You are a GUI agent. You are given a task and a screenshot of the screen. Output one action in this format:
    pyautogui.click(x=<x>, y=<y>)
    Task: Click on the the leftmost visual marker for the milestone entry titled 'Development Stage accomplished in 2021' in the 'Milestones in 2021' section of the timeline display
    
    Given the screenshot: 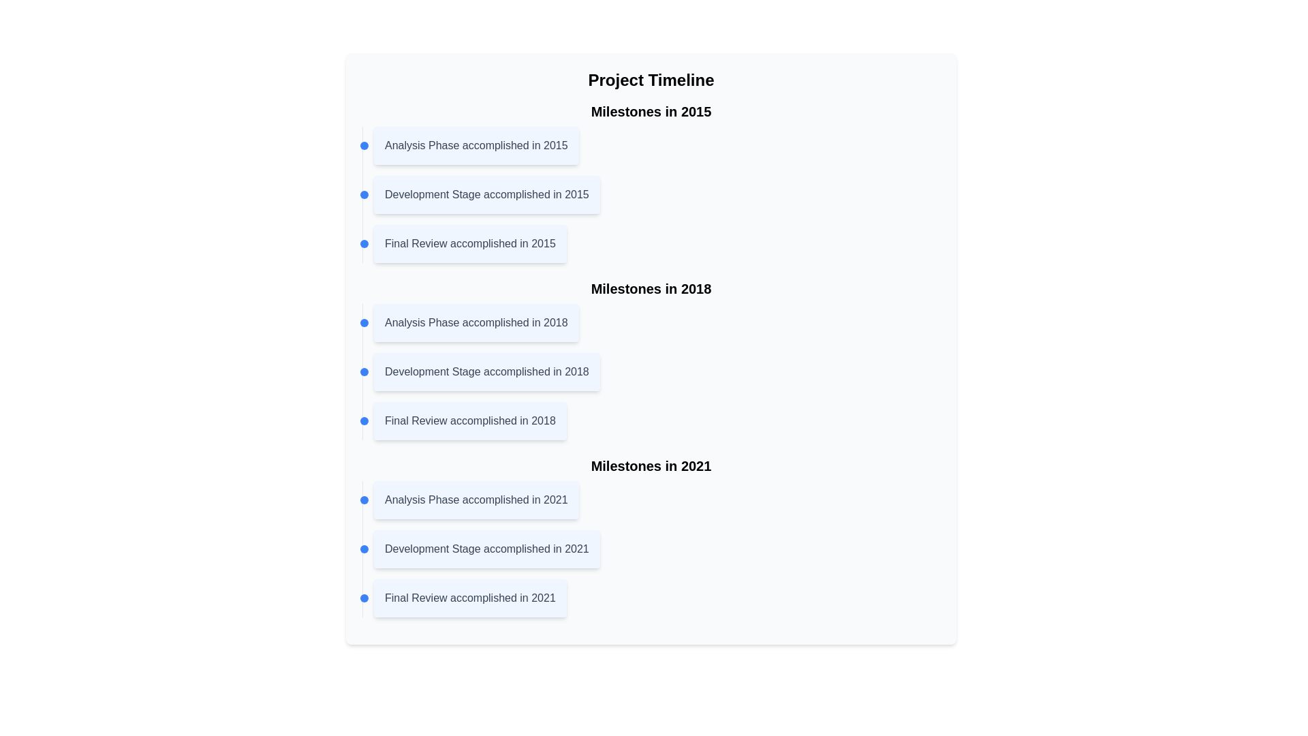 What is the action you would take?
    pyautogui.click(x=364, y=549)
    